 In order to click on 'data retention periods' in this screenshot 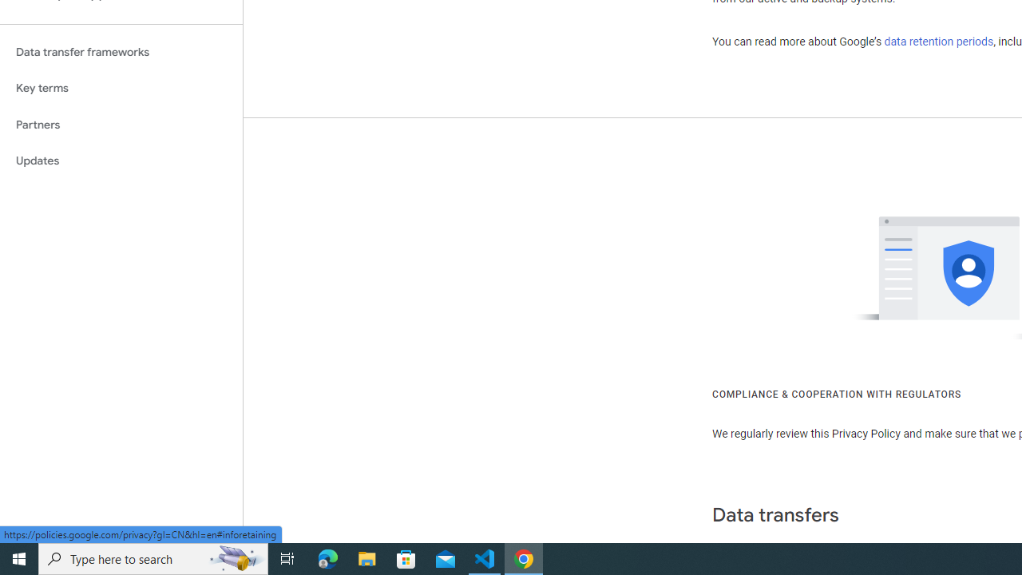, I will do `click(939, 41)`.